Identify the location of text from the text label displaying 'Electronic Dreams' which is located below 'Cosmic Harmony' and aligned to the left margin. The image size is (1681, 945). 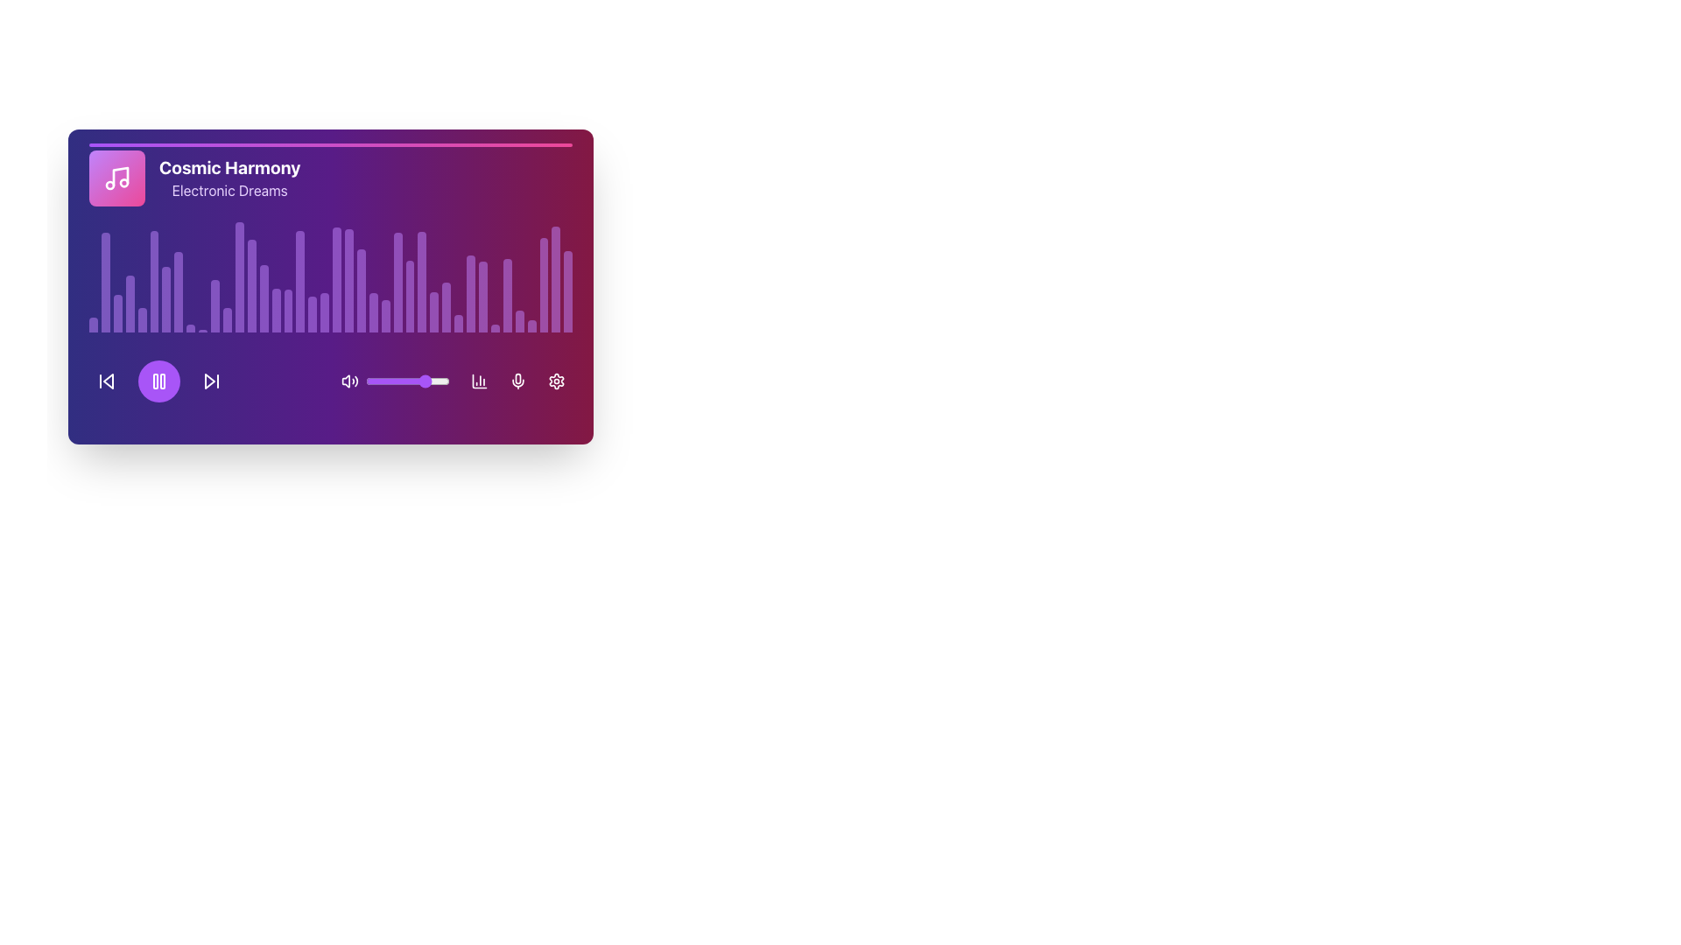
(229, 191).